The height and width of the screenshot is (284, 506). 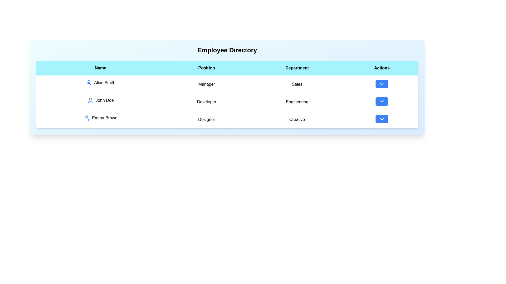 I want to click on the 'Name' text label, which is the first label in a row of headers for a table, displayed in bold black font on a light blue background, so click(x=100, y=68).